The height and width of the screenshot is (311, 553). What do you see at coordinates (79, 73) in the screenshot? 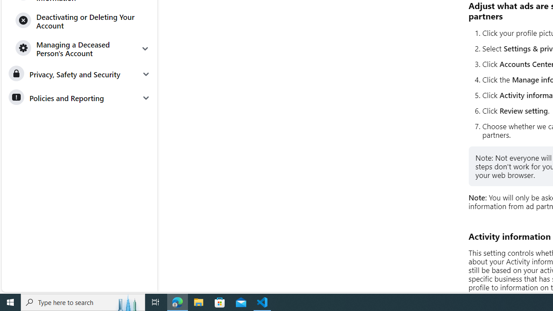
I see `'Privacy, Safety and Security'` at bounding box center [79, 73].